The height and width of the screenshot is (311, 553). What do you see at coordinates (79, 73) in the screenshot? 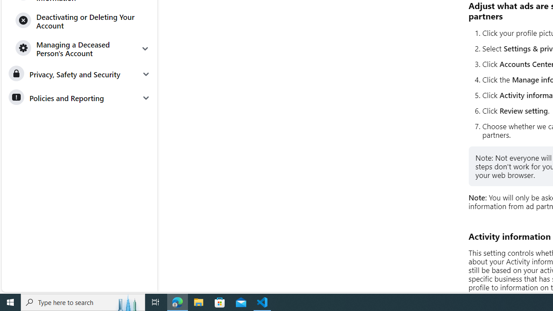
I see `'Privacy, Safety and Security'` at bounding box center [79, 73].